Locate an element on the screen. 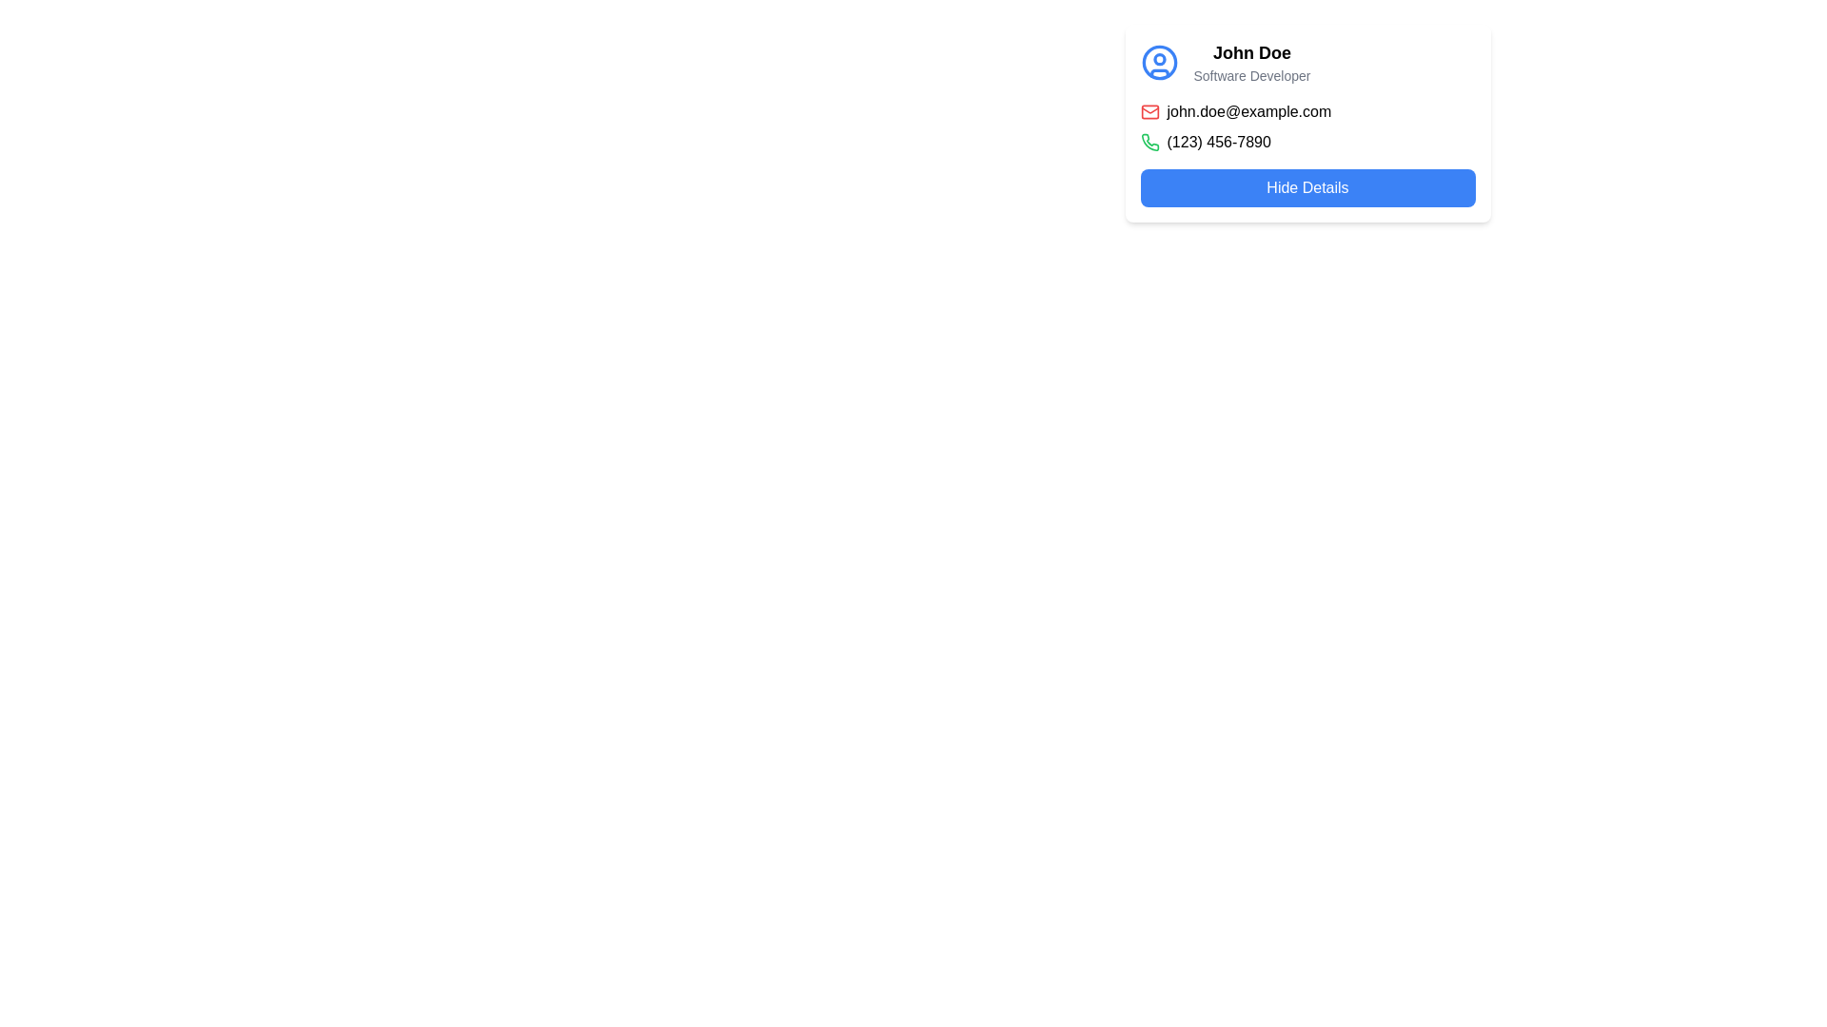  the contact phone number icon located on the left side of the horizontally aligned group, which is adjacent to the text '(123) 456-7890' is located at coordinates (1149, 142).